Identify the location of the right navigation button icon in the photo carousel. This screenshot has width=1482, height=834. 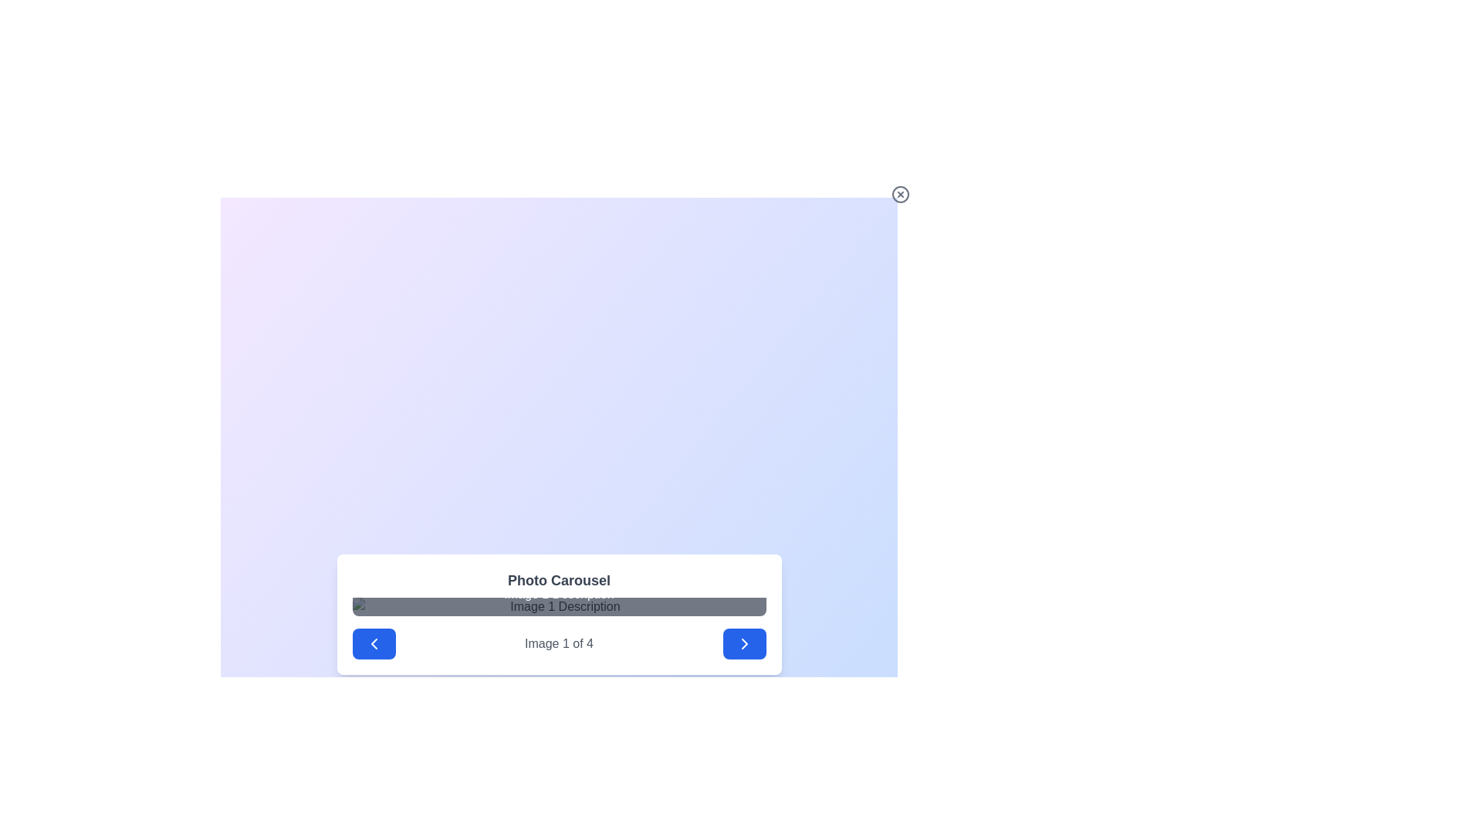
(744, 643).